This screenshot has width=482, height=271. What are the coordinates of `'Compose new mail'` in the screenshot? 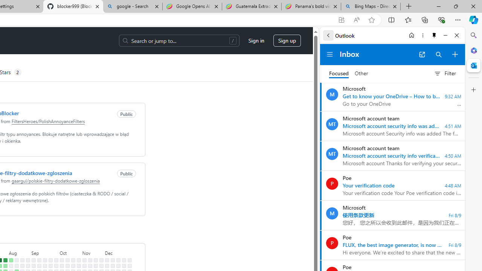 It's located at (455, 54).